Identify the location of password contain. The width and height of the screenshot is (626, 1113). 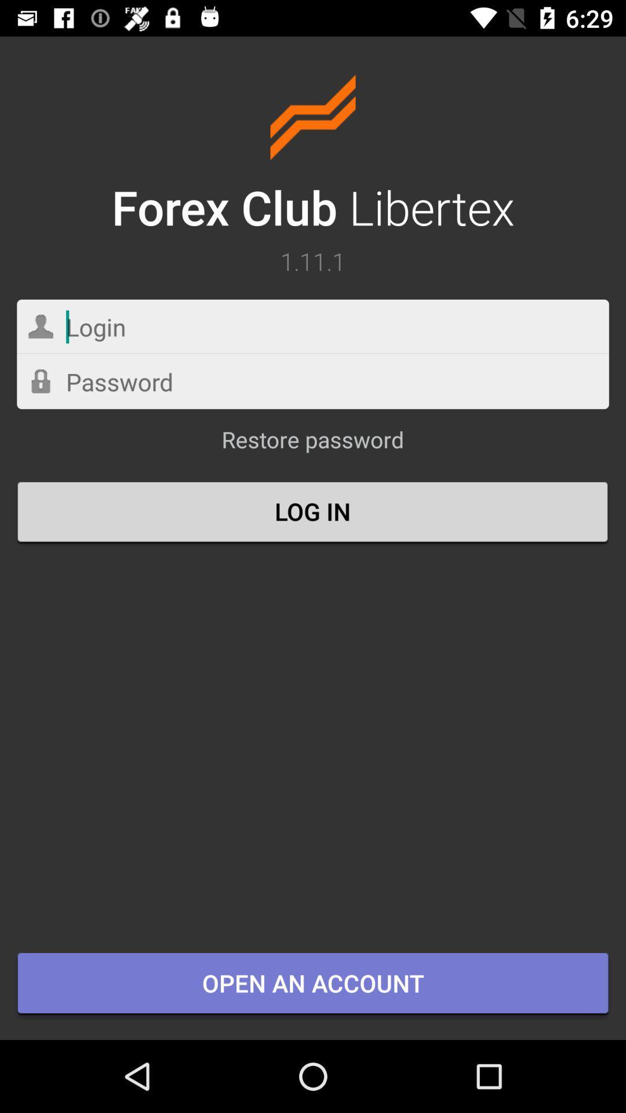
(313, 381).